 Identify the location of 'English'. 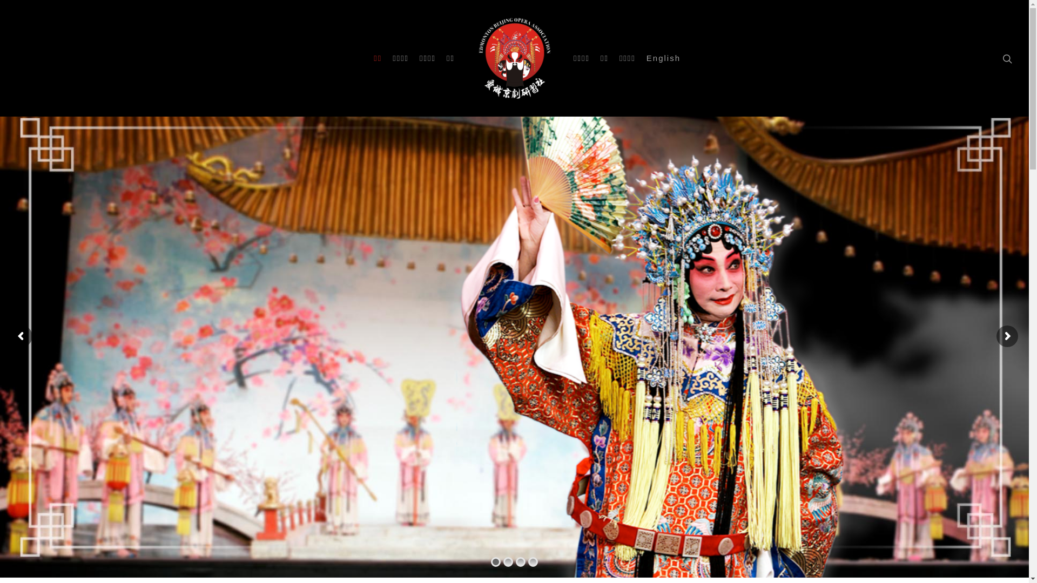
(663, 58).